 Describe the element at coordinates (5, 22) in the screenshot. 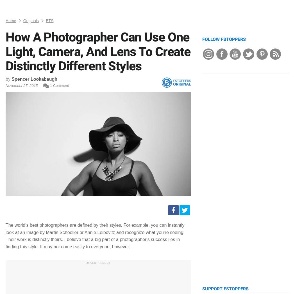

I see `'The model can be found at her'` at that location.